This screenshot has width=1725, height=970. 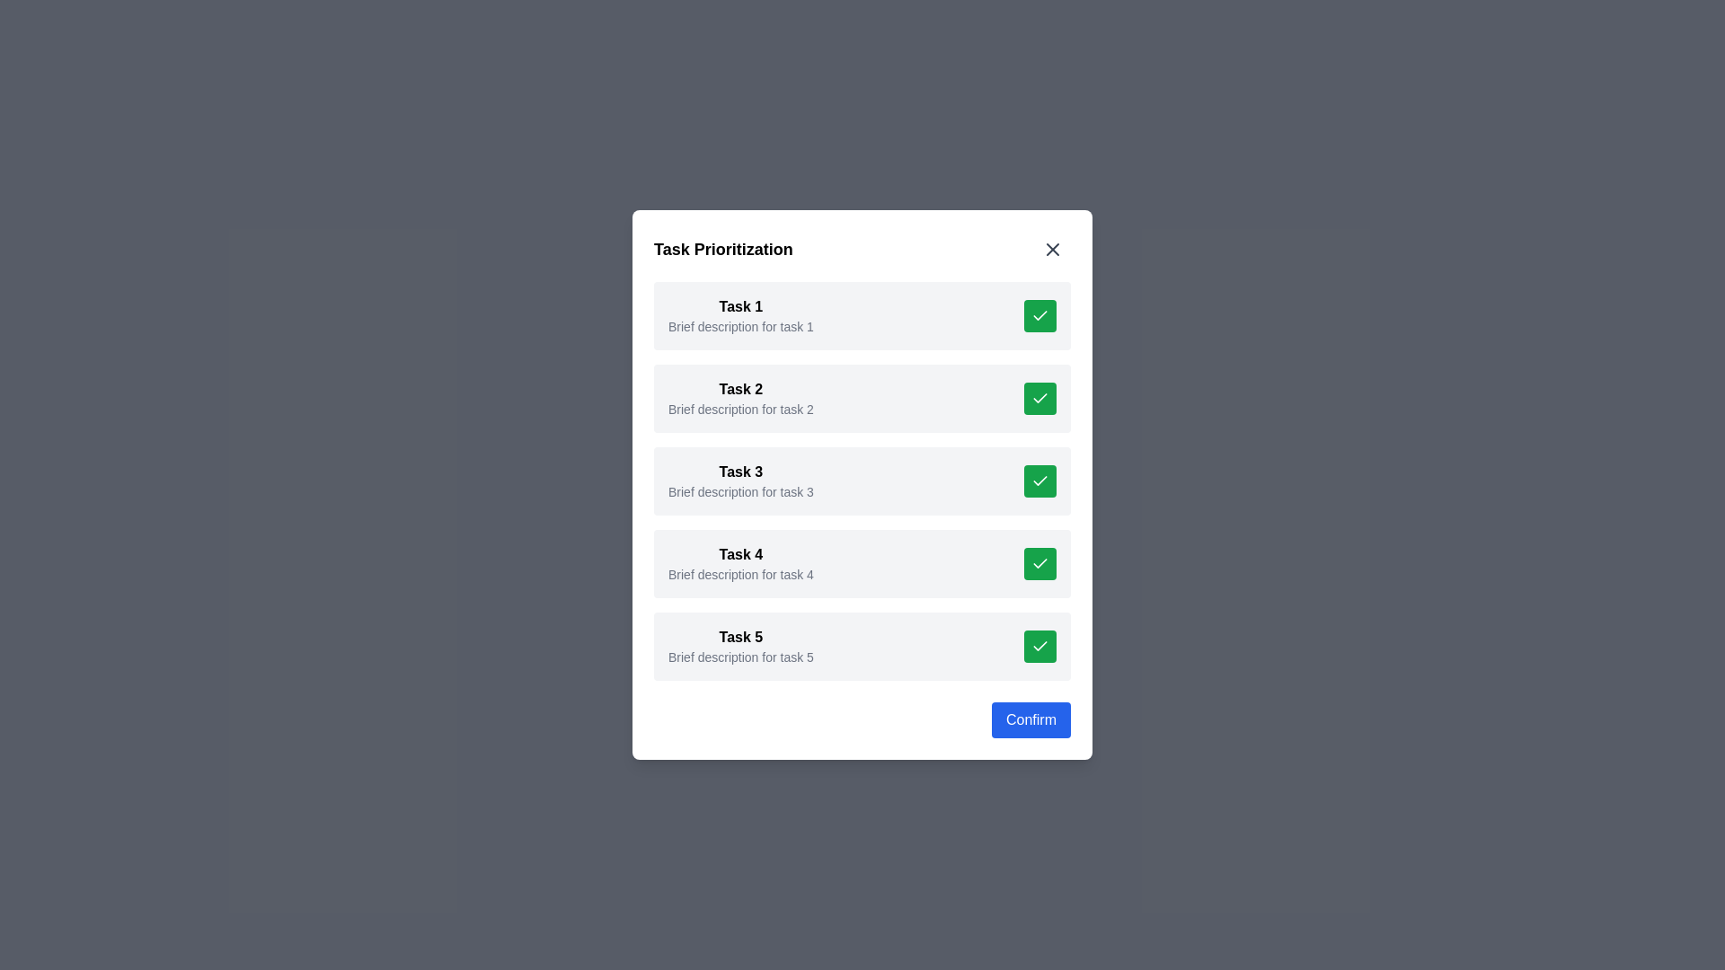 I want to click on the green checkmark icon with a white stroke located, so click(x=1039, y=481).